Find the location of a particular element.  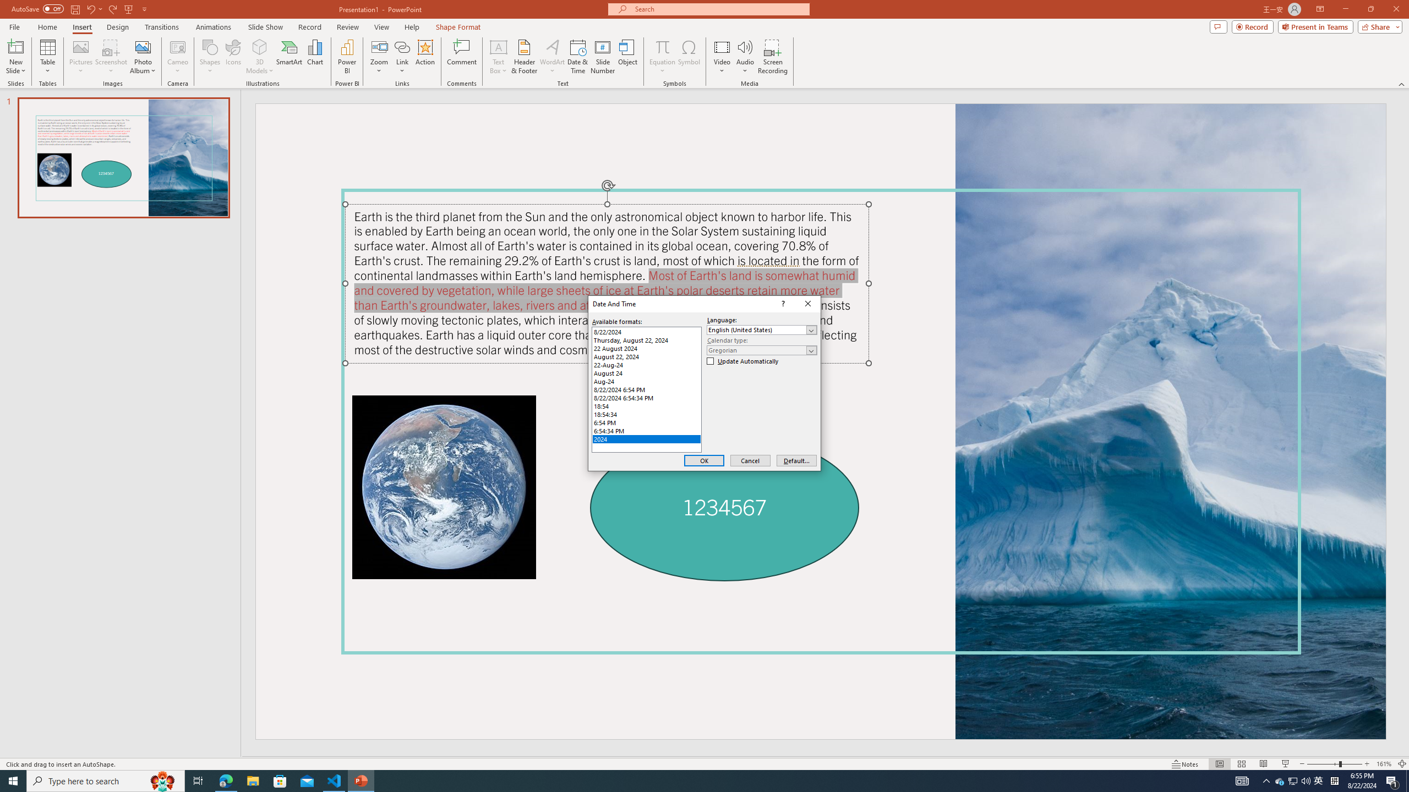

'Transitions' is located at coordinates (161, 27).